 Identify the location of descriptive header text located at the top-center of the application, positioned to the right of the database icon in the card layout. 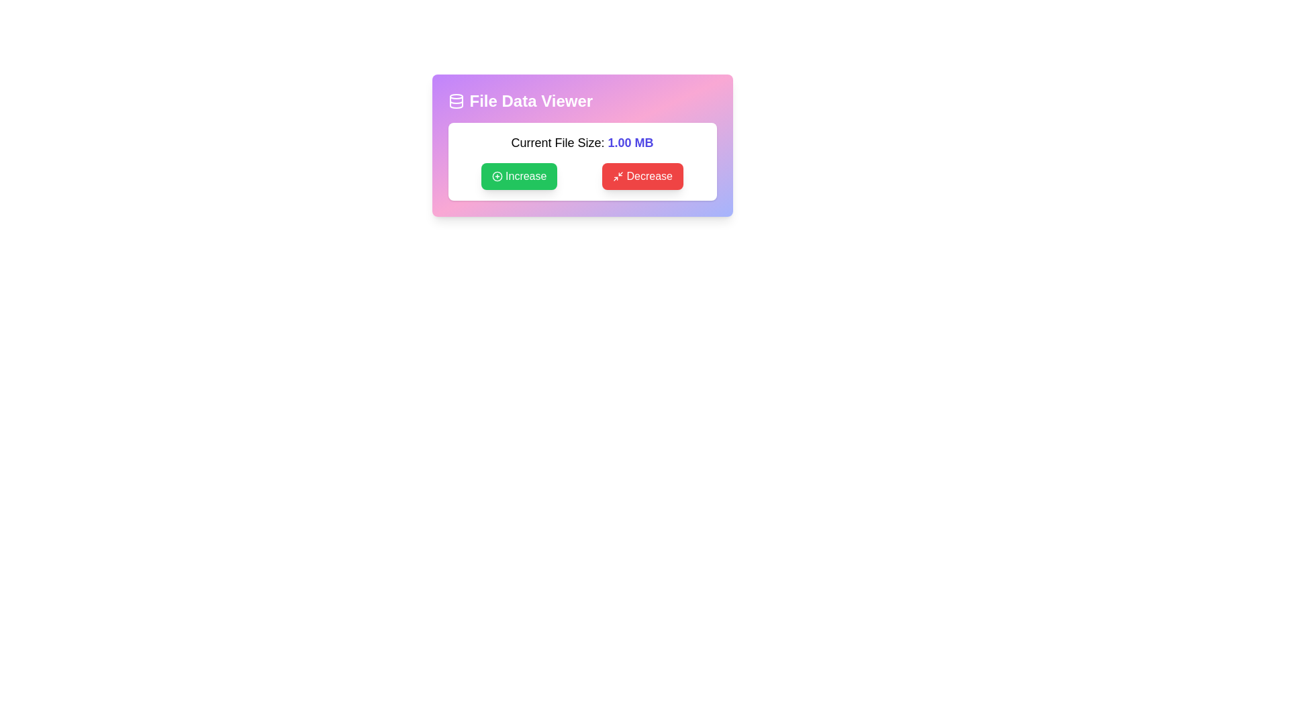
(530, 100).